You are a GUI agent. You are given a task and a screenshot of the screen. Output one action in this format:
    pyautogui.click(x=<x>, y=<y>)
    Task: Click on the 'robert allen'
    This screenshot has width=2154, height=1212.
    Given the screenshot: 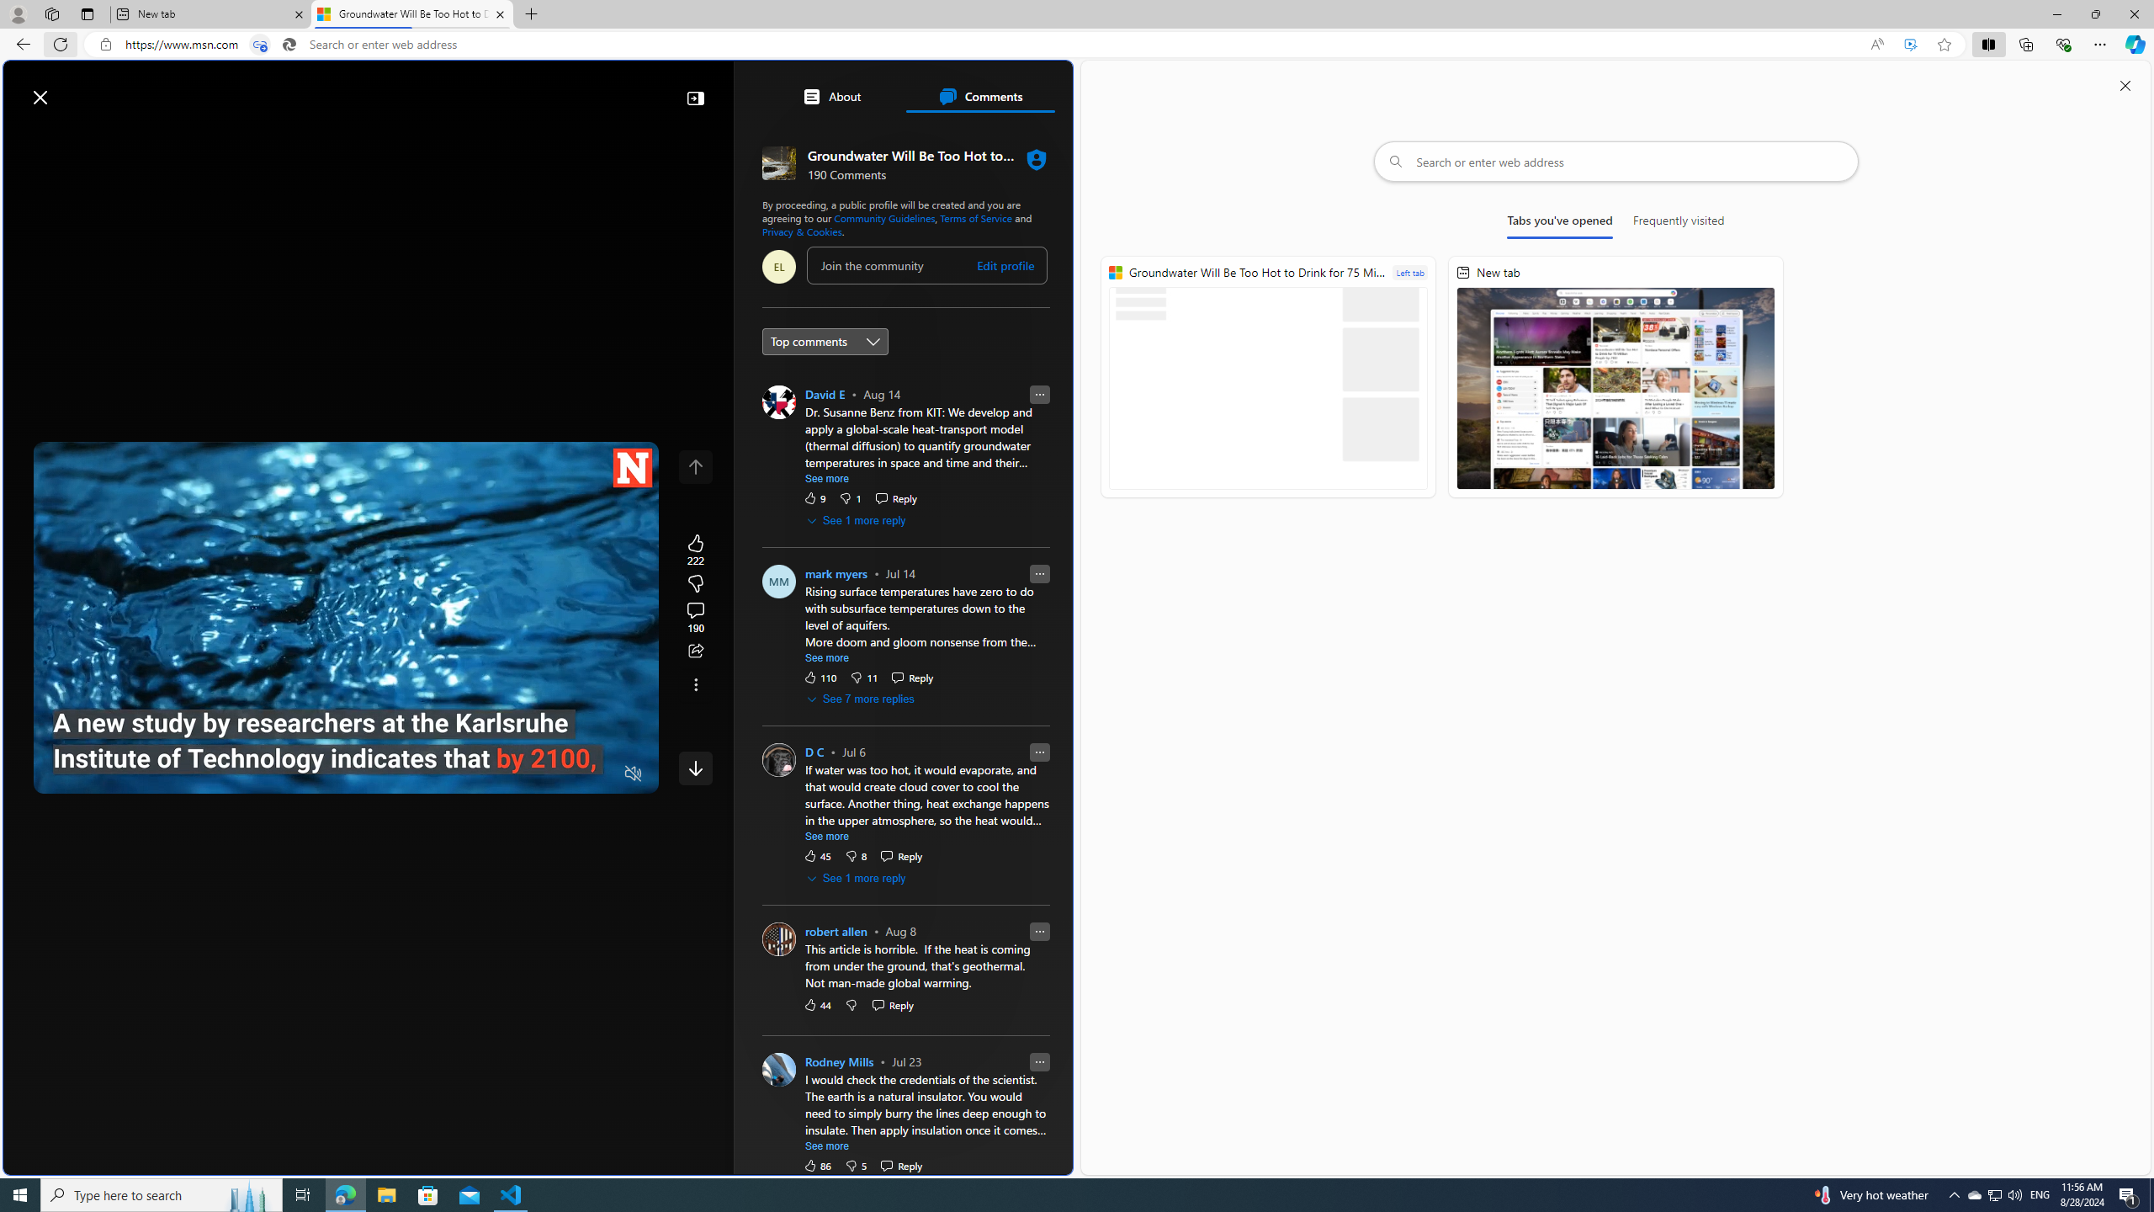 What is the action you would take?
    pyautogui.click(x=835, y=931)
    